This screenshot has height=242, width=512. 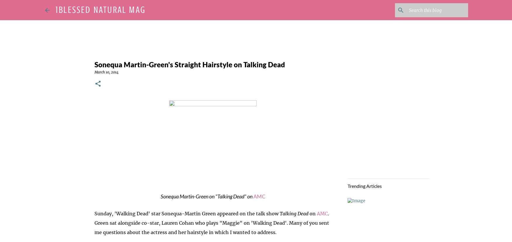 I want to click on 'March 10, 2014', so click(x=106, y=72).